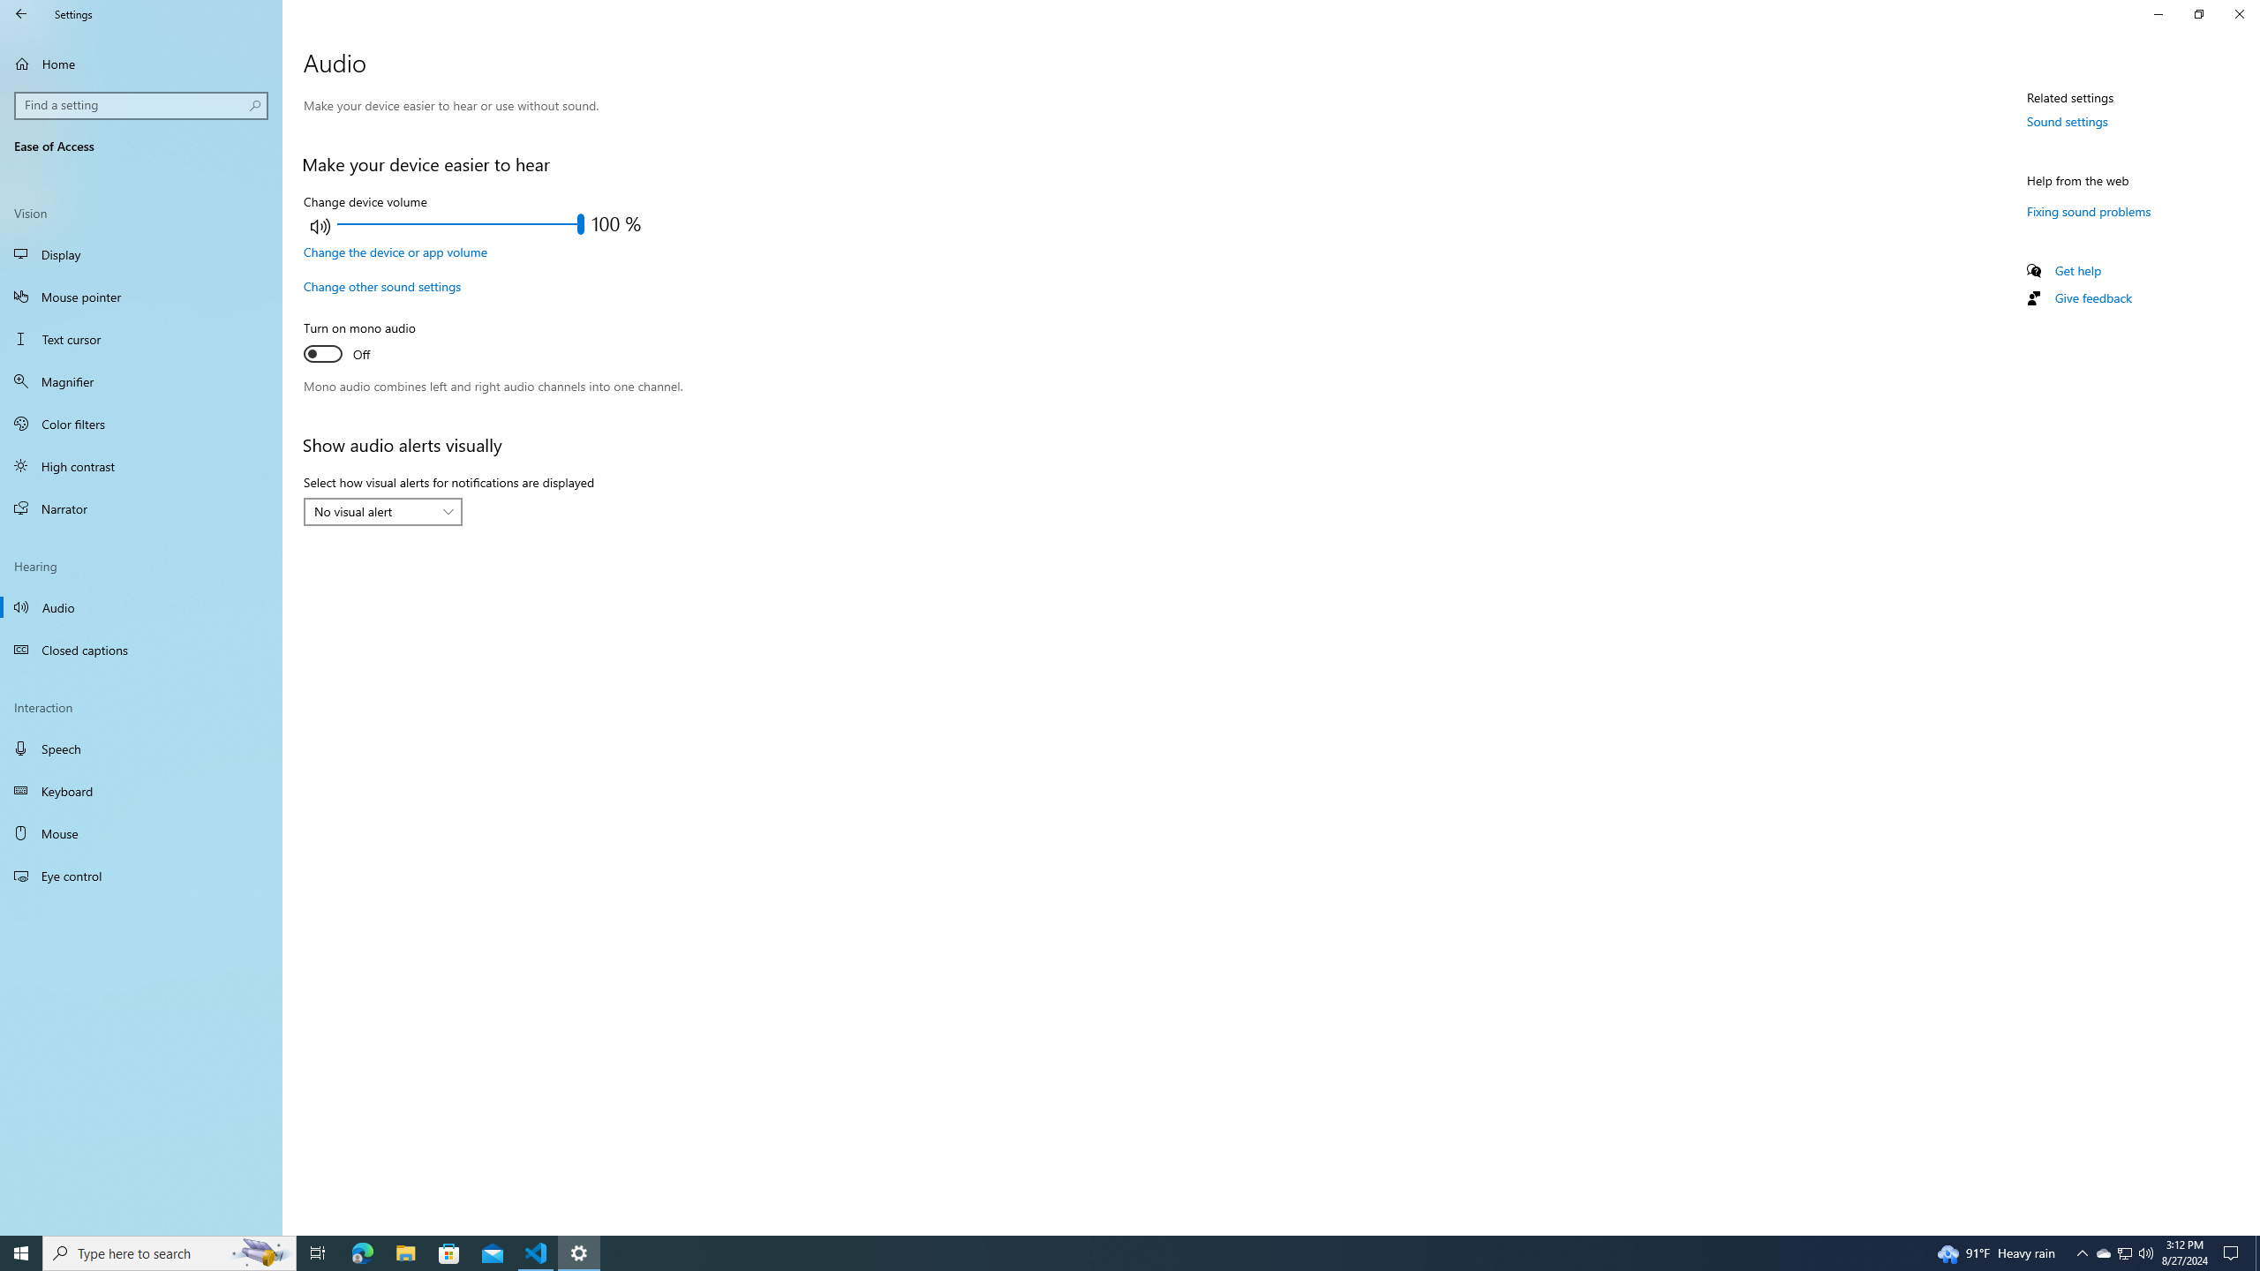  What do you see at coordinates (367, 342) in the screenshot?
I see `'Turn on mono audio'` at bounding box center [367, 342].